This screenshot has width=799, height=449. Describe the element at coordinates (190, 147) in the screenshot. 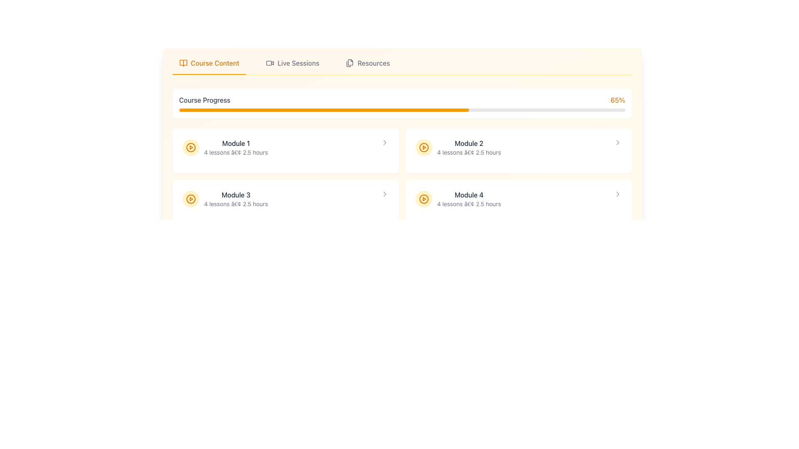

I see `the Circular SVG element that serves as a visual indicator for play or start action, located inside the second module entry on the right side of the grid` at that location.